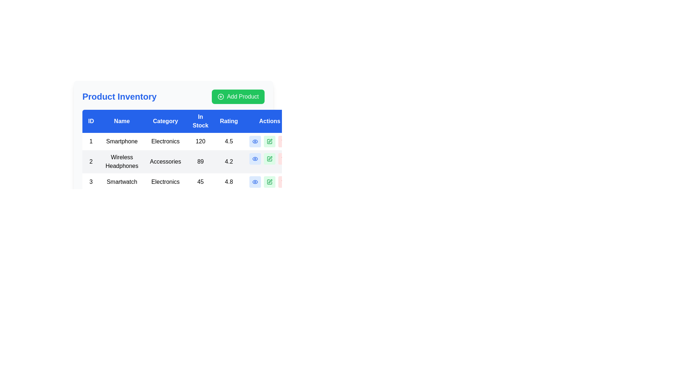 The height and width of the screenshot is (390, 694). What do you see at coordinates (255, 158) in the screenshot?
I see `the blue eye icon in the 'Actions' column of the second row under 'Wireless Headphones'` at bounding box center [255, 158].